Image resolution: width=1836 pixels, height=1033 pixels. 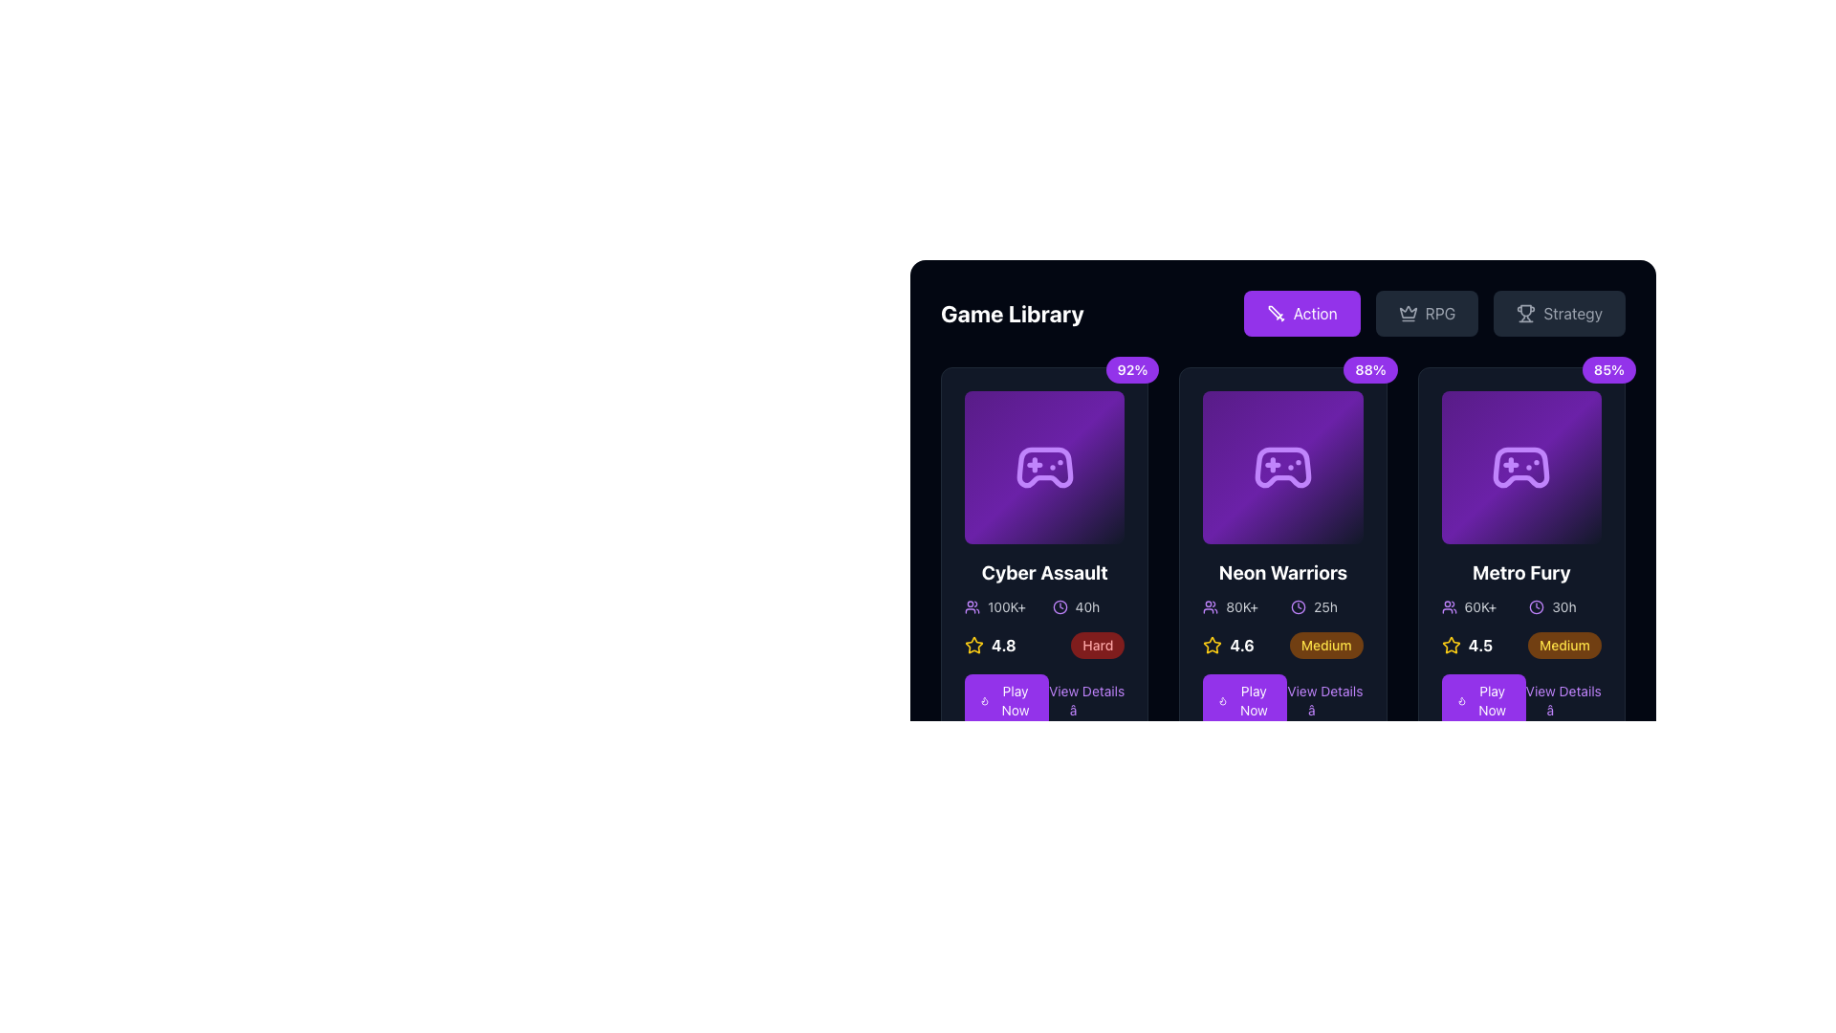 I want to click on the icon associated with the 'Action' button located in the top right section of the interface, so click(x=1276, y=312).